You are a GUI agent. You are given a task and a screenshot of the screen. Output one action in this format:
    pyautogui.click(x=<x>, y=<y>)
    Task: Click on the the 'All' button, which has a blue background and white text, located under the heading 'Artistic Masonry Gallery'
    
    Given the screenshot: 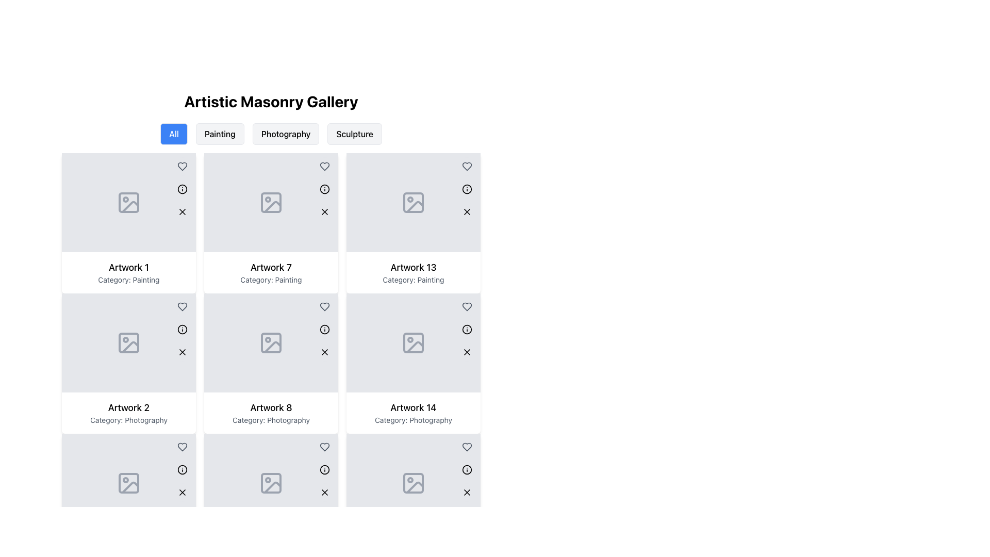 What is the action you would take?
    pyautogui.click(x=174, y=133)
    